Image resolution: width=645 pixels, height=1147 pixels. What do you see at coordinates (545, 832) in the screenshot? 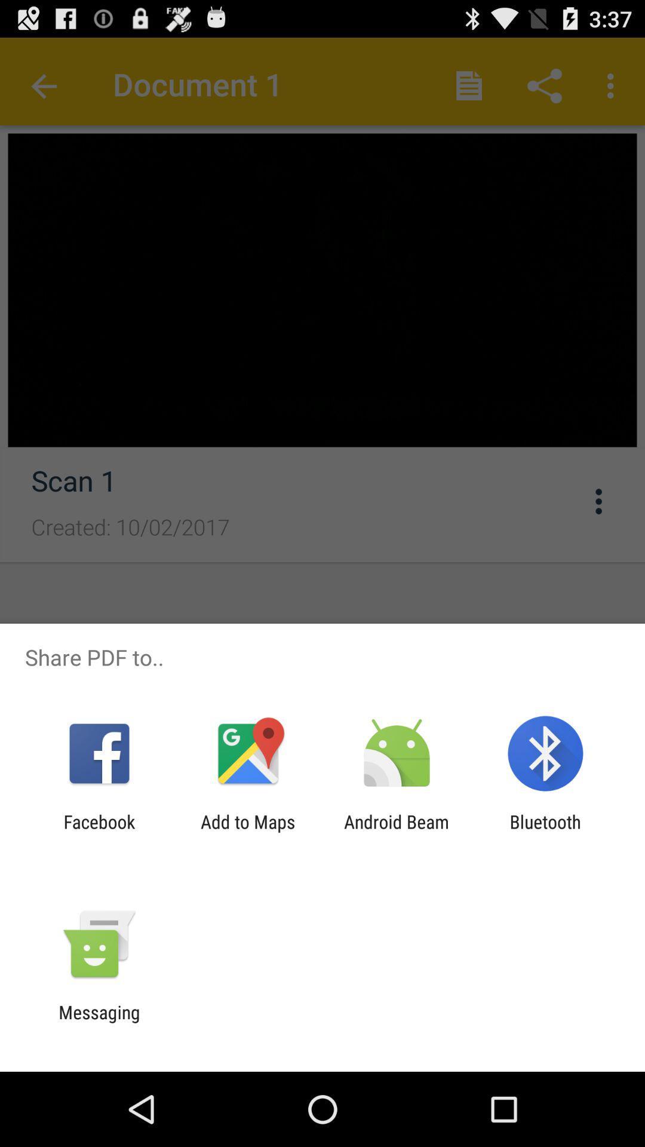
I see `the bluetooth` at bounding box center [545, 832].